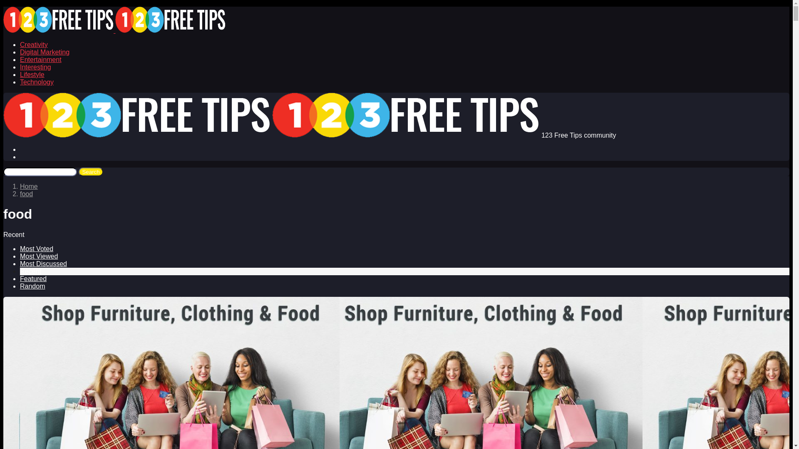  Describe the element at coordinates (33, 44) in the screenshot. I see `'Creativity'` at that location.